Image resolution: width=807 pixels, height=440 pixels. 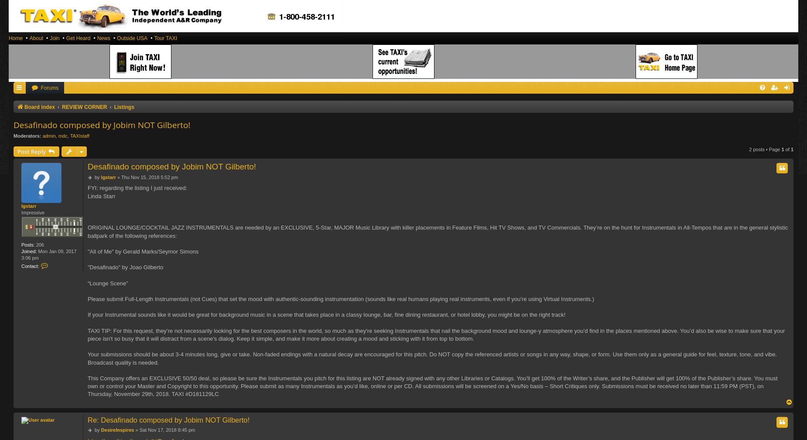 I want to click on 'About', so click(x=36, y=37).